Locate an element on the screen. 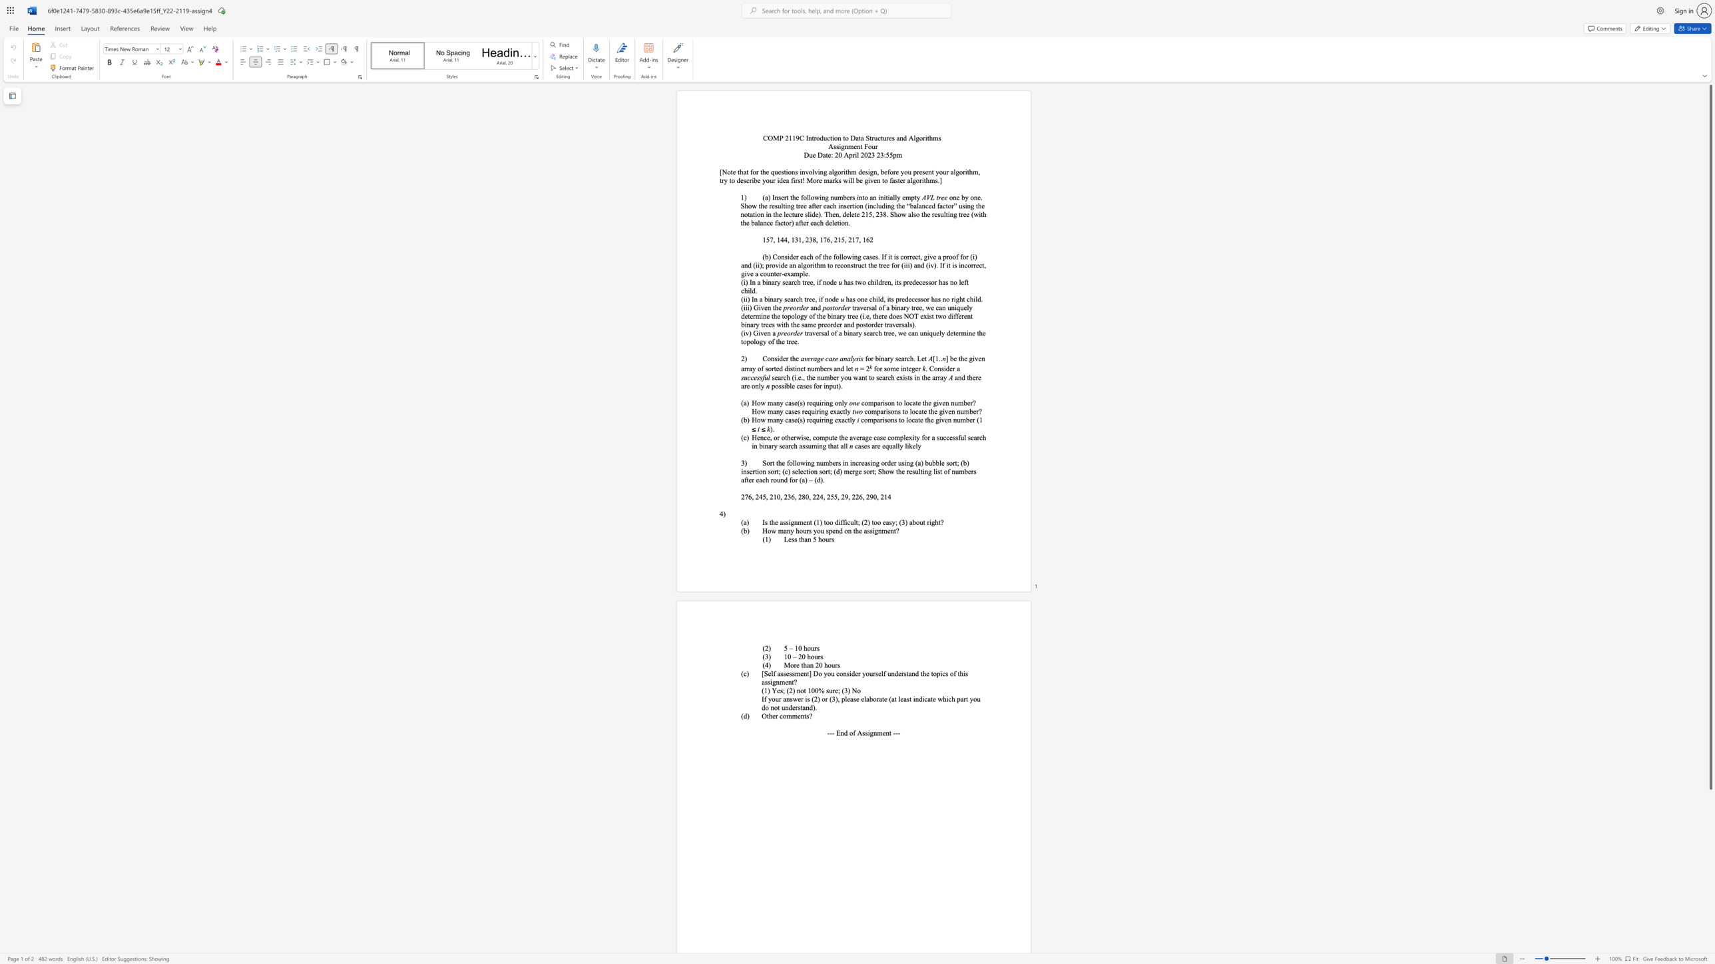 The image size is (1715, 964). the subset text "ou spend on th" within the text "How many hours you spend on the assignment?" is located at coordinates (817, 530).